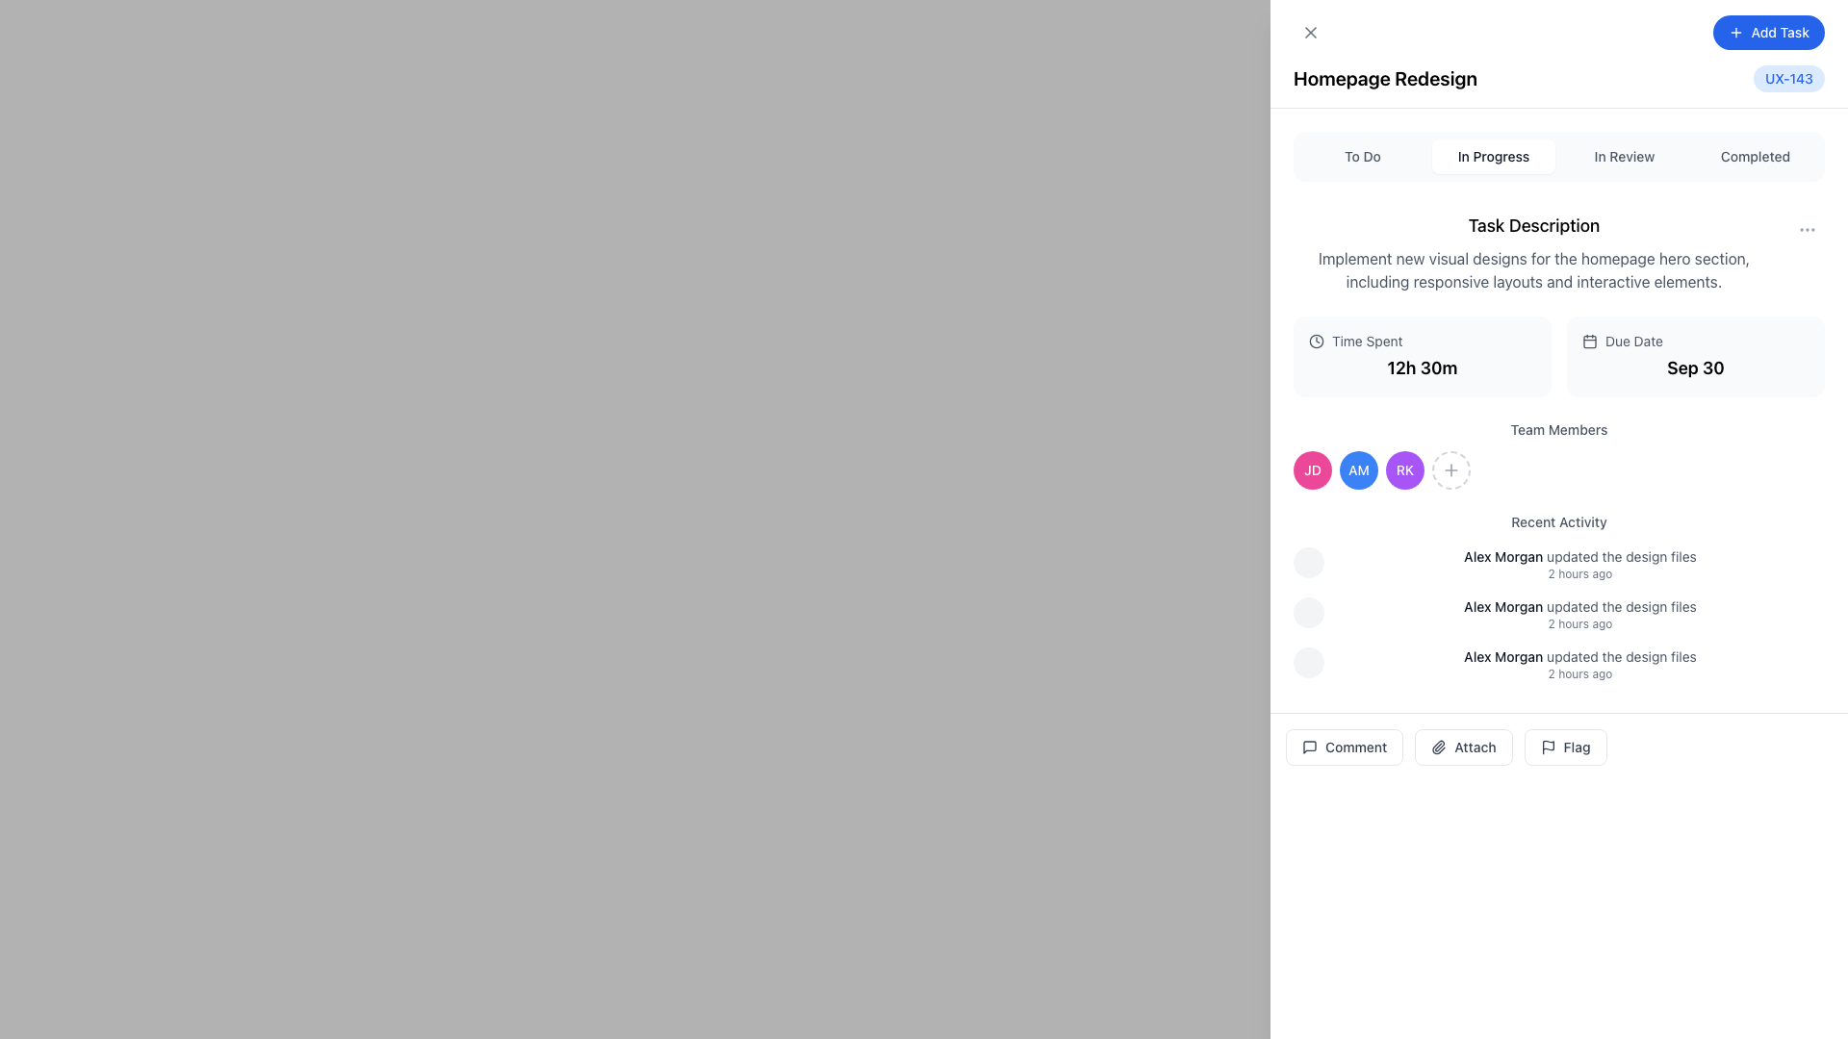 The width and height of the screenshot is (1848, 1039). What do you see at coordinates (1559, 155) in the screenshot?
I see `the 'To Do' tab in the navigation bar located near the top of the interface` at bounding box center [1559, 155].